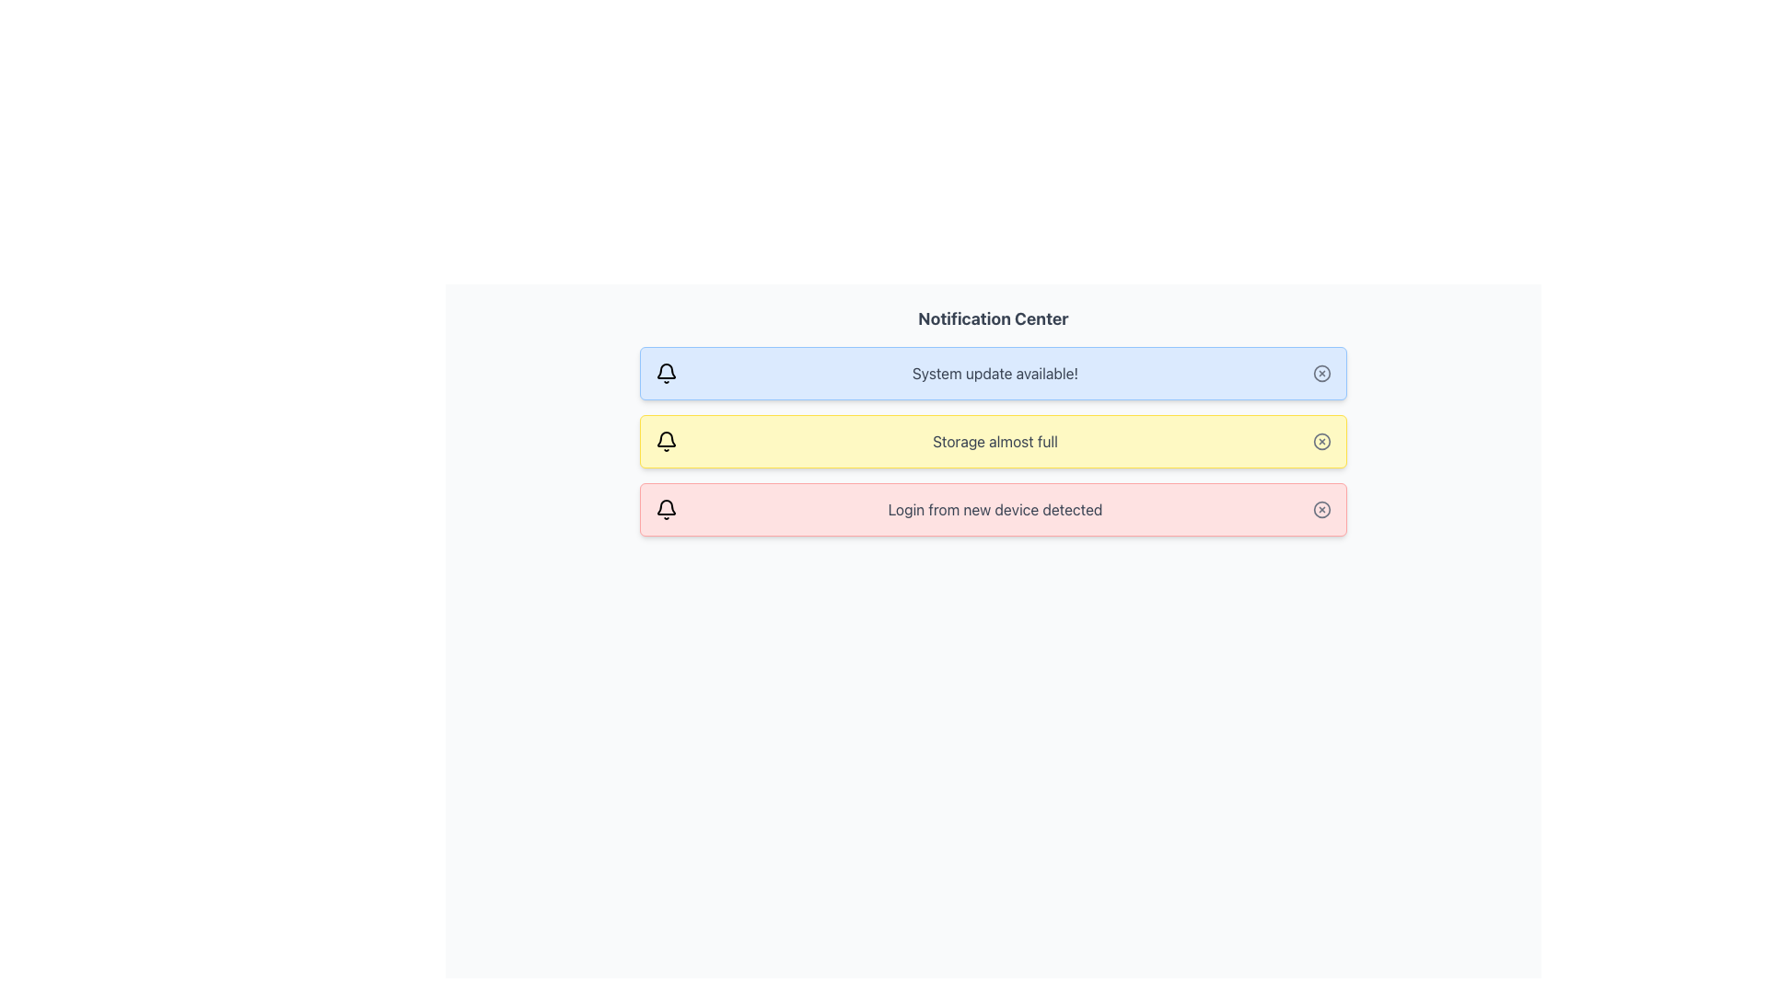 The image size is (1768, 994). What do you see at coordinates (666, 371) in the screenshot?
I see `the bell-like SVG icon representing a notification alert located in the first notification card of the Notification Center interface, next to the text 'System update available!'` at bounding box center [666, 371].